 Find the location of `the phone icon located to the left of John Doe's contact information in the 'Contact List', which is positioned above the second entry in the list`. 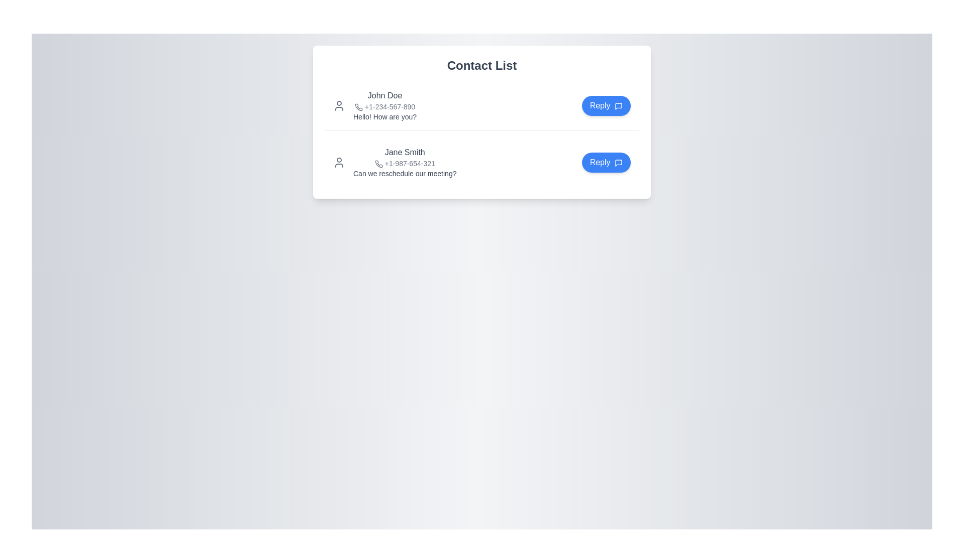

the phone icon located to the left of John Doe's contact information in the 'Contact List', which is positioned above the second entry in the list is located at coordinates (359, 107).